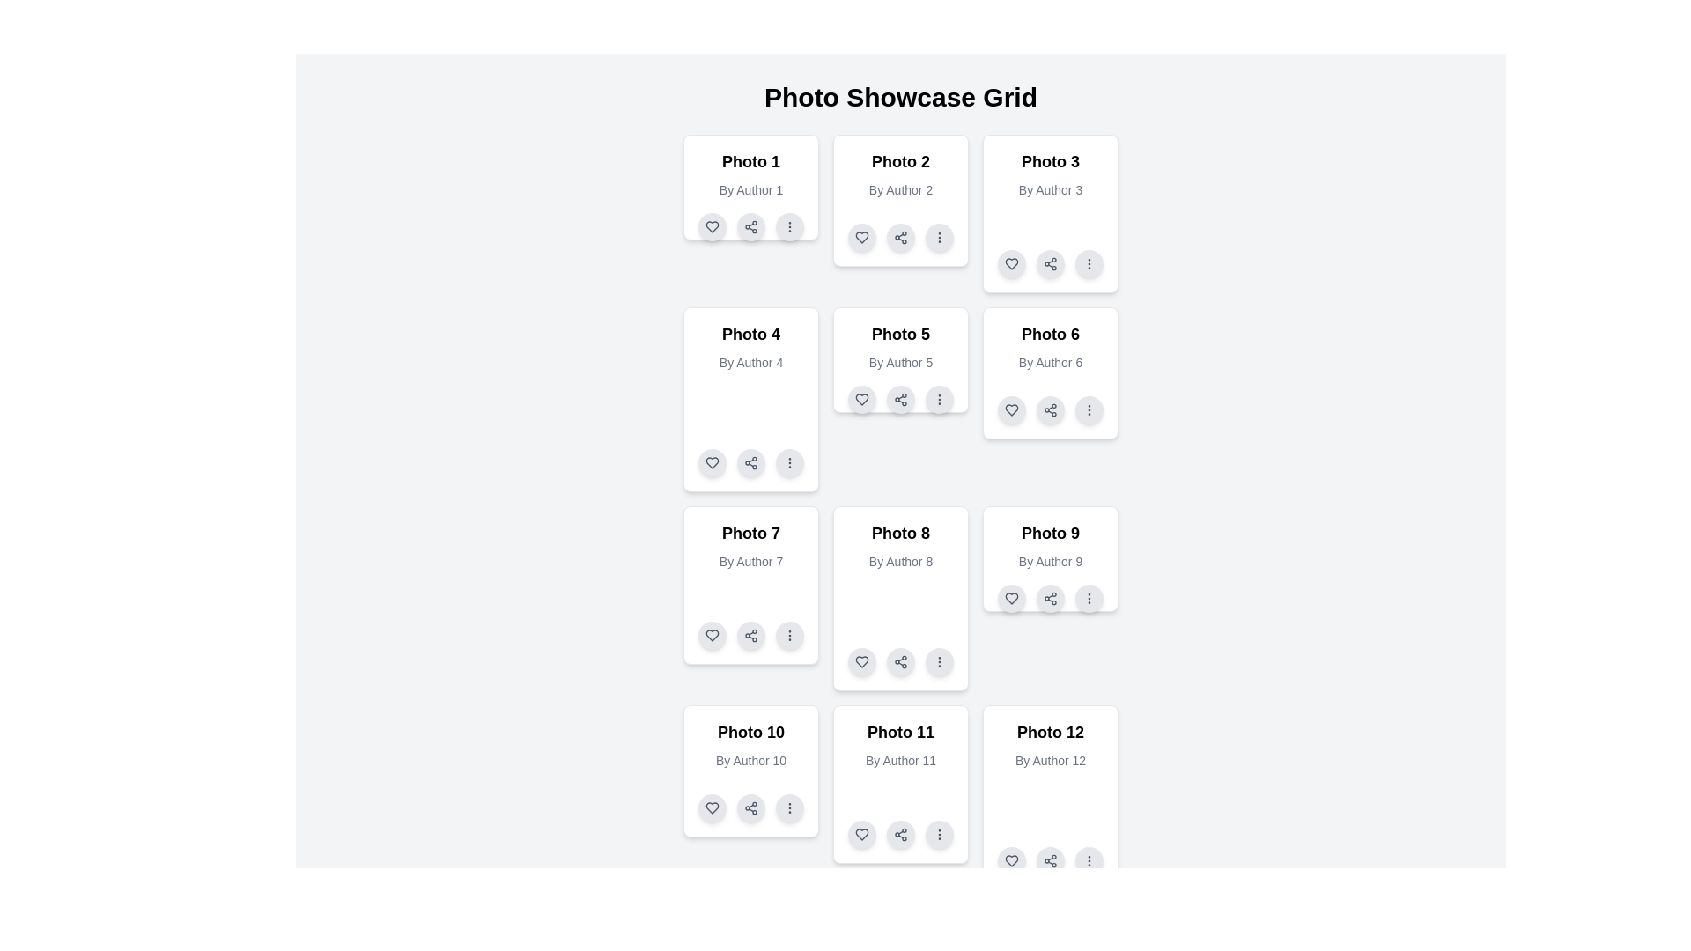  Describe the element at coordinates (900, 760) in the screenshot. I see `text label that provides authorship information for the content, specifically indicating 'Author 11', located in the middle card of the bottom row, beneath 'Photo 11'` at that location.